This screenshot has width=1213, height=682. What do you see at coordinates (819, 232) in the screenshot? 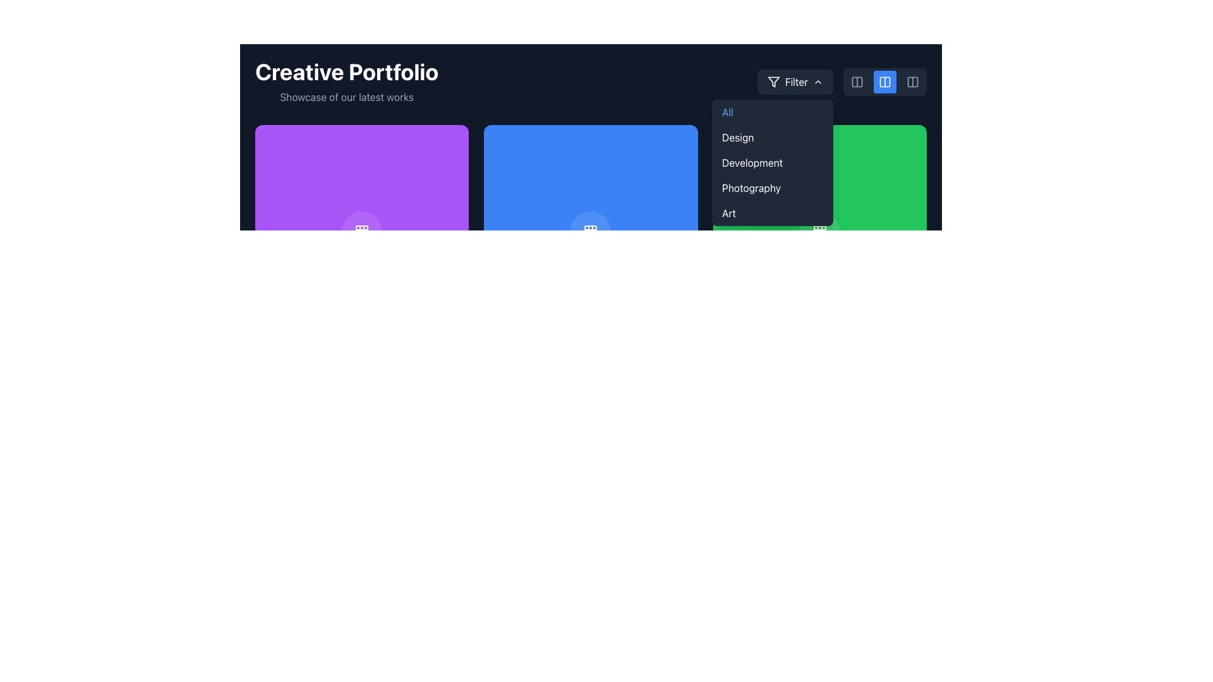
I see `the 3x3 grid icon with a white color scheme, located in the top bar of the interface` at bounding box center [819, 232].